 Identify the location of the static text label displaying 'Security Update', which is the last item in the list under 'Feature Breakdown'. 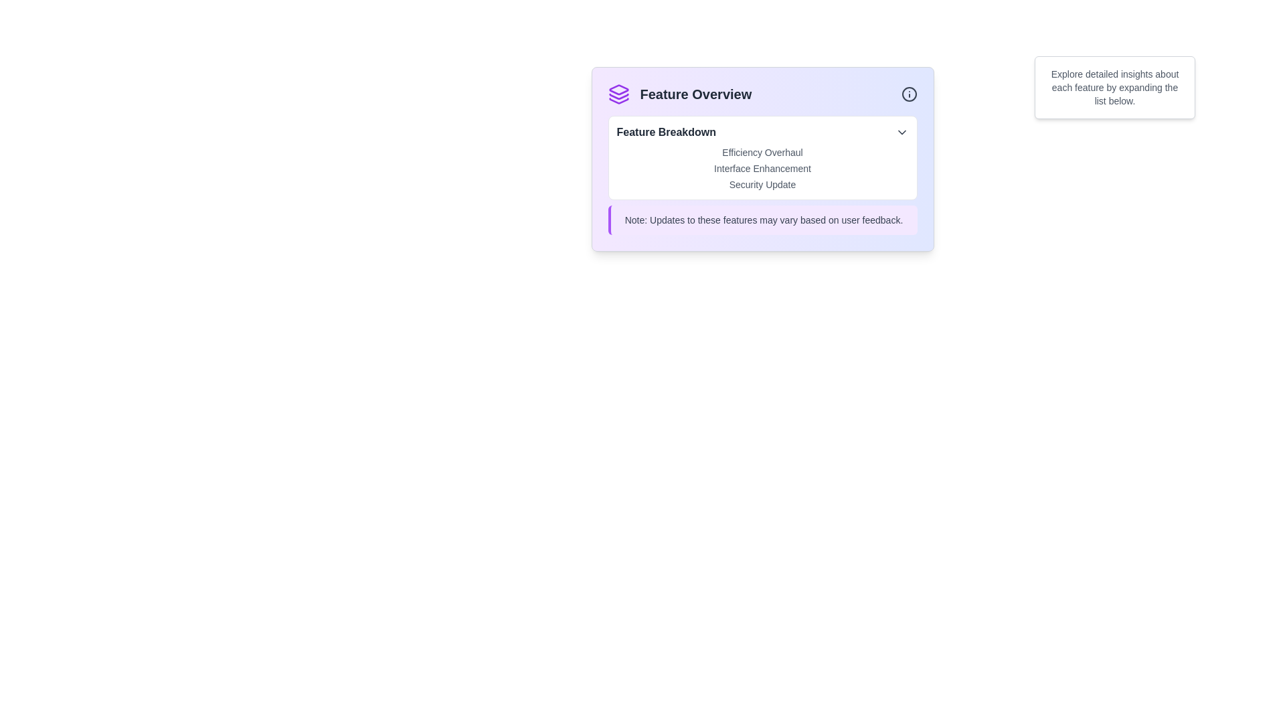
(762, 185).